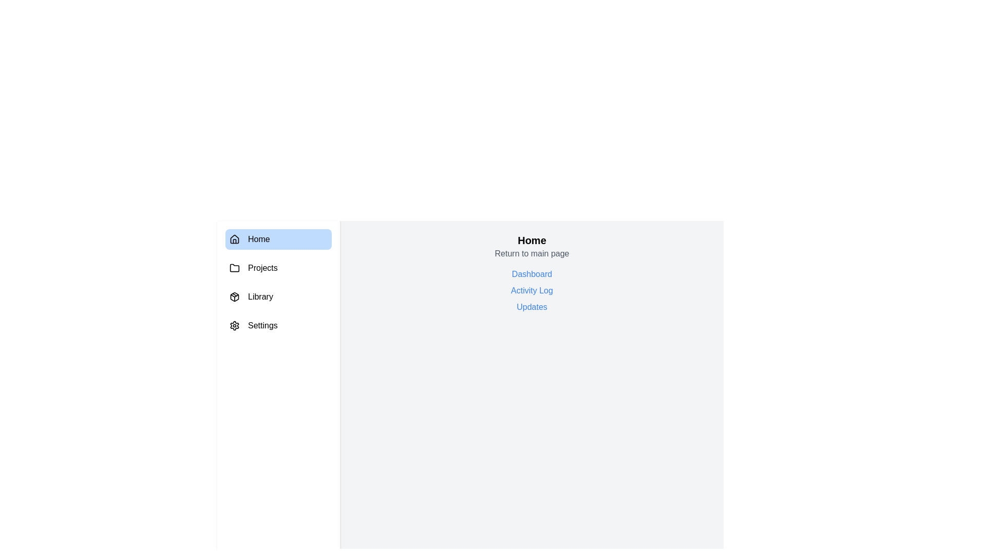 The height and width of the screenshot is (555, 986). I want to click on the 'Library' icon located to the left of the 'Library' text in the navigation menu, so click(234, 297).